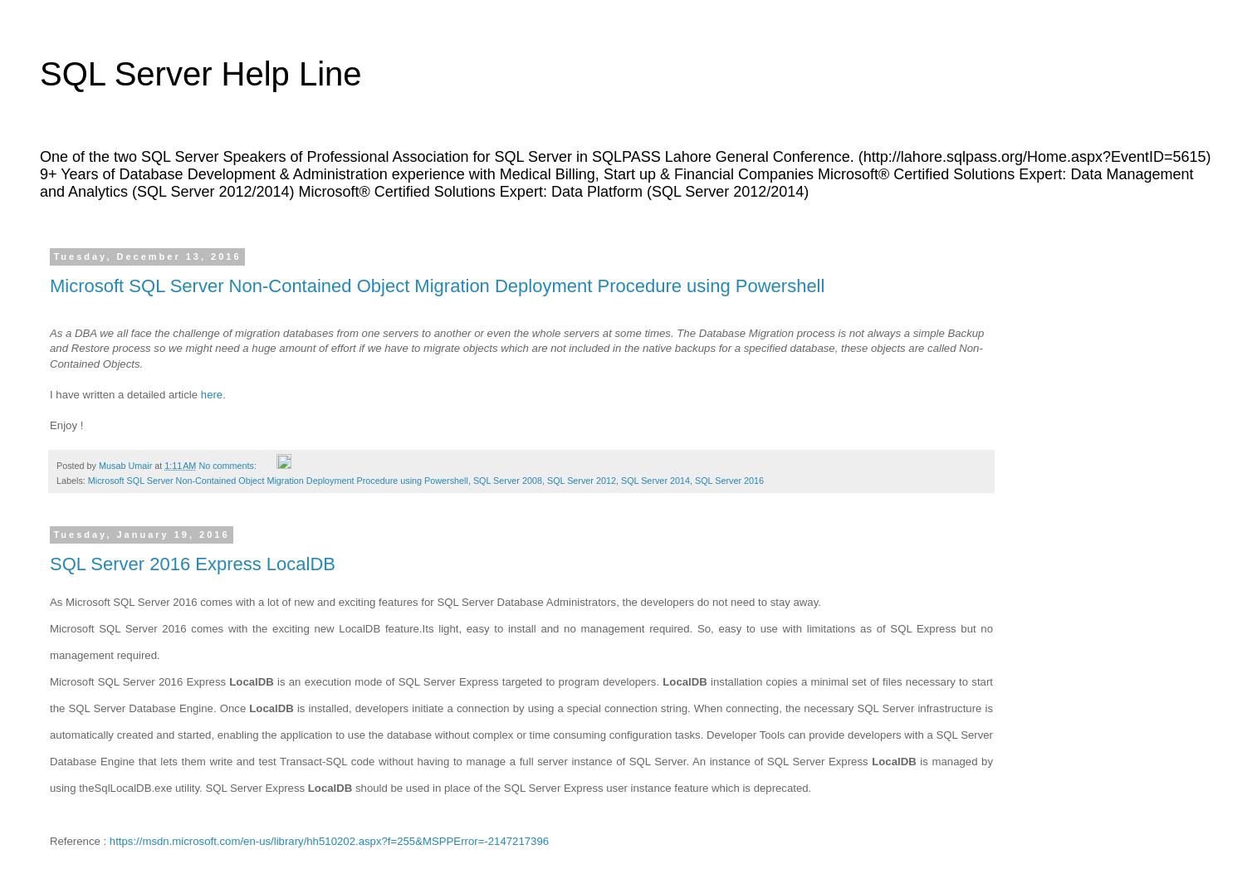  What do you see at coordinates (234, 627) in the screenshot?
I see `'Microsoft SQL Server 2016 comes with the exciting new LocalDB feature.'` at bounding box center [234, 627].